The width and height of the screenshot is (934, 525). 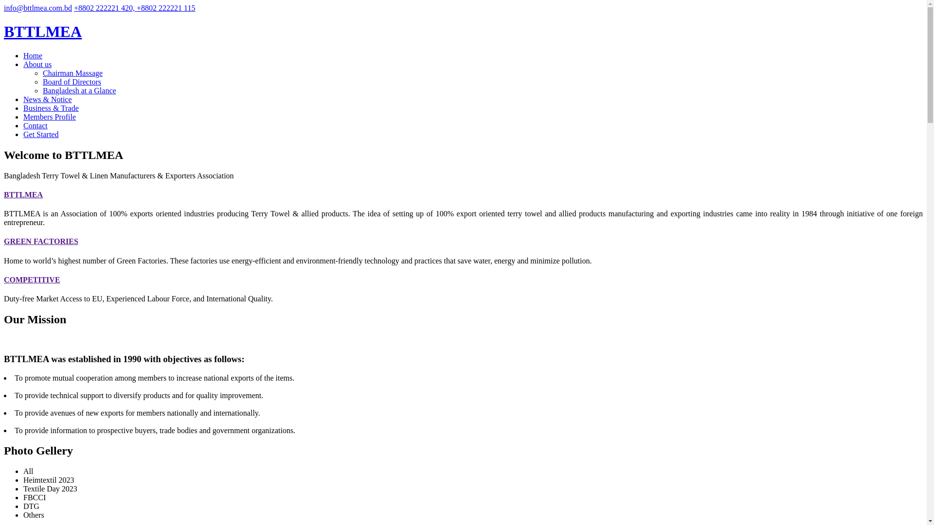 I want to click on 'Bangladesh at a Glance', so click(x=79, y=90).